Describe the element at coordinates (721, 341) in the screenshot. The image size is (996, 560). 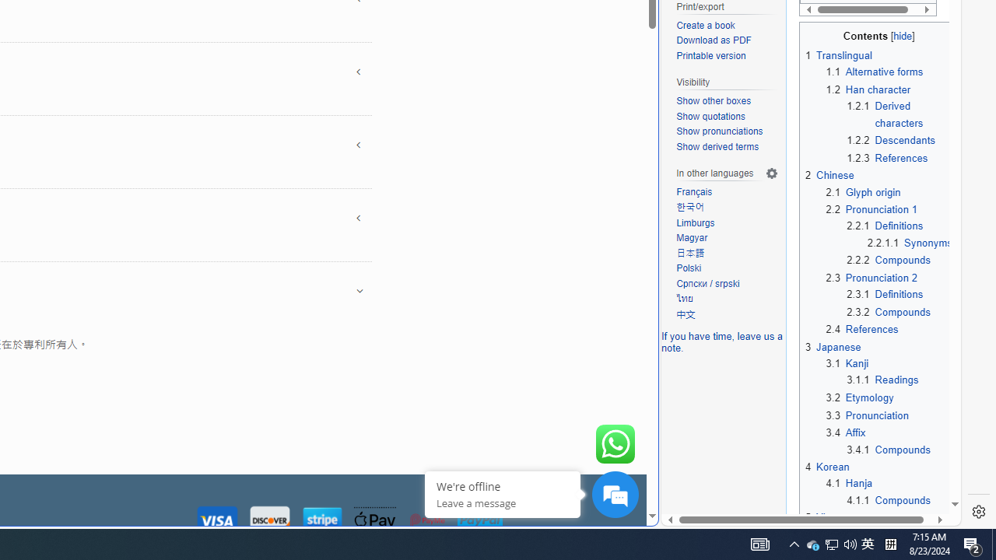
I see `'If you have time, leave us a note.'` at that location.